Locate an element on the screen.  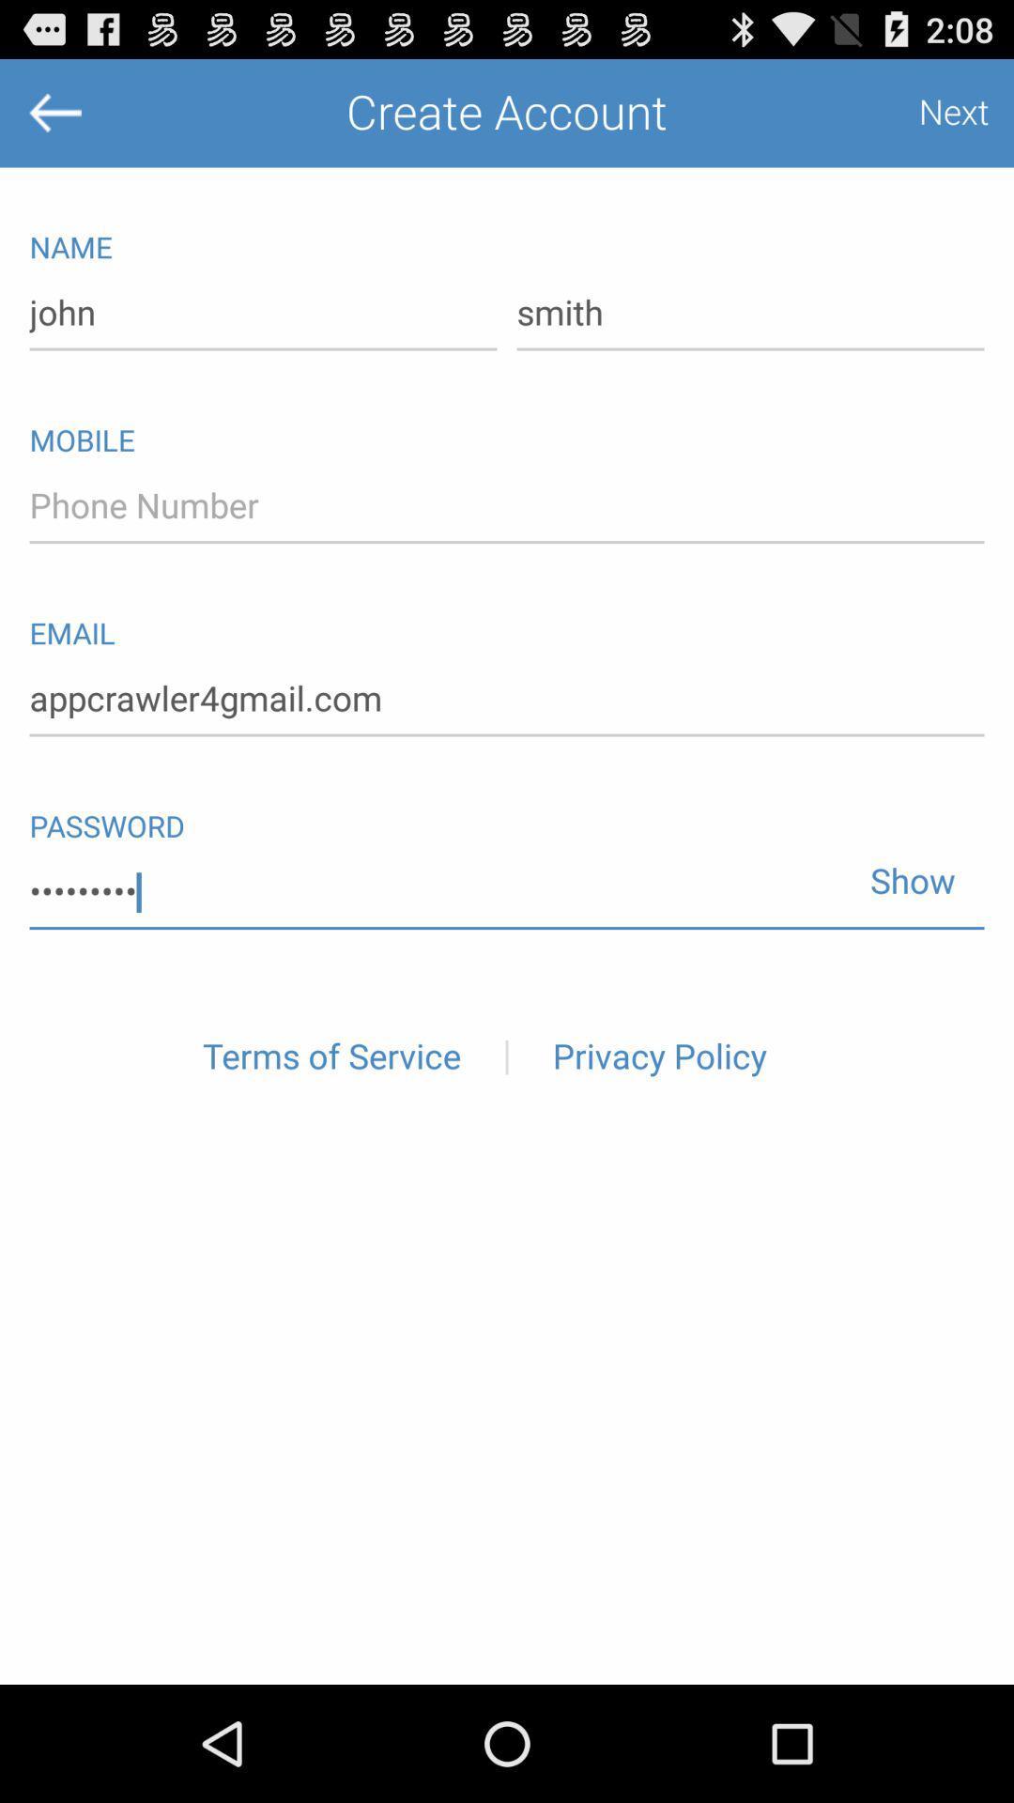
item to the left of the smith item is located at coordinates (263, 314).